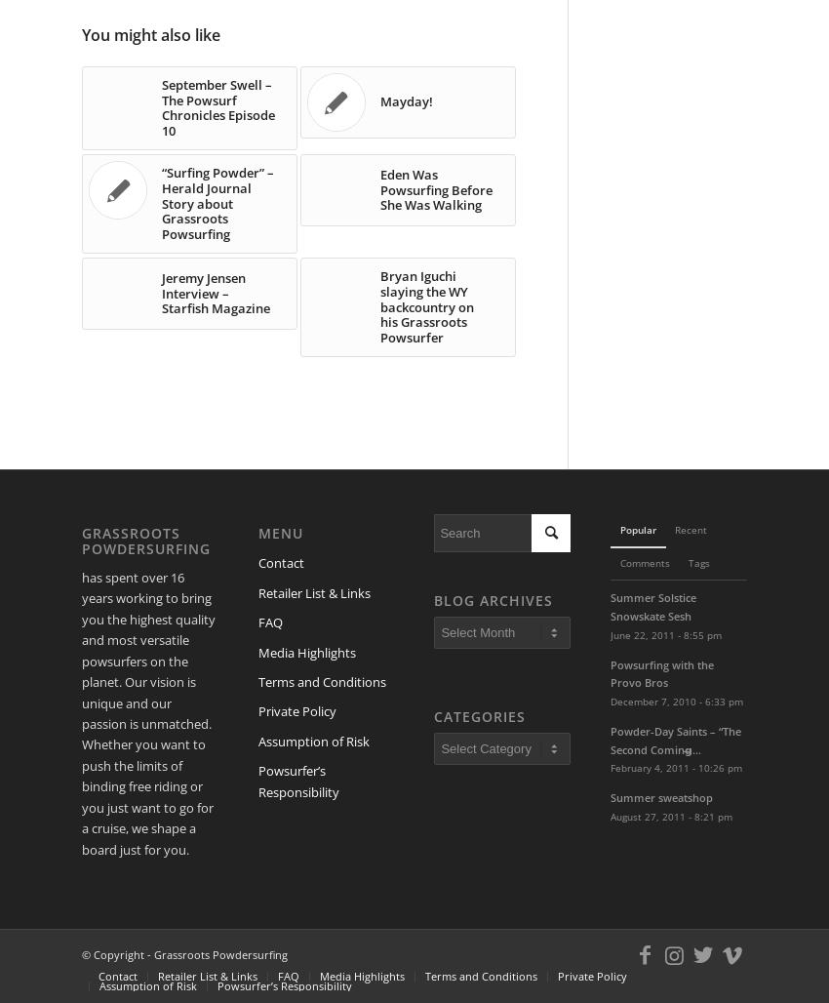 Image resolution: width=829 pixels, height=1003 pixels. What do you see at coordinates (278, 533) in the screenshot?
I see `'Menu'` at bounding box center [278, 533].